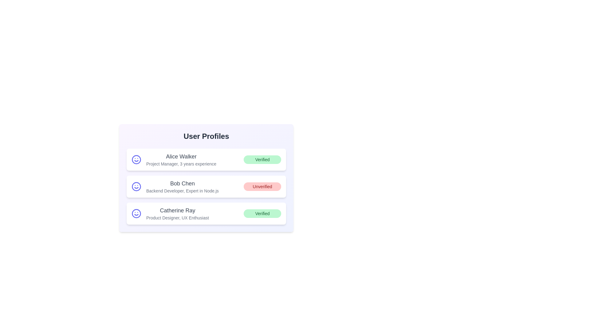  Describe the element at coordinates (262, 213) in the screenshot. I see `the verification status of Catherine Ray to toggle or view details` at that location.